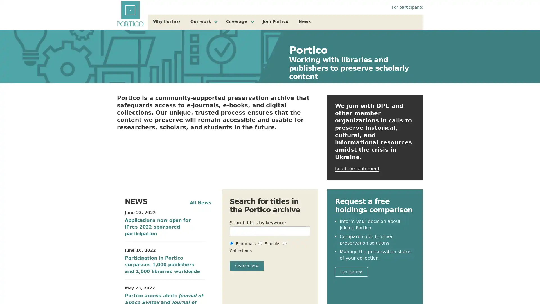 Image resolution: width=540 pixels, height=304 pixels. What do you see at coordinates (394, 286) in the screenshot?
I see `Cookie Settings` at bounding box center [394, 286].